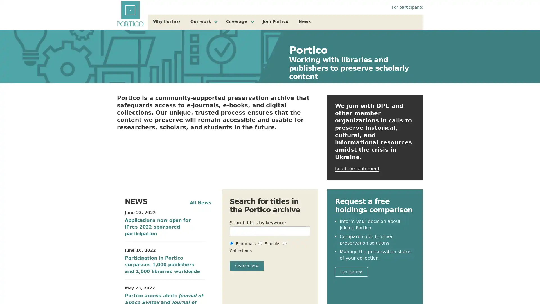 Image resolution: width=540 pixels, height=304 pixels. What do you see at coordinates (394, 286) in the screenshot?
I see `Cookie Settings` at bounding box center [394, 286].